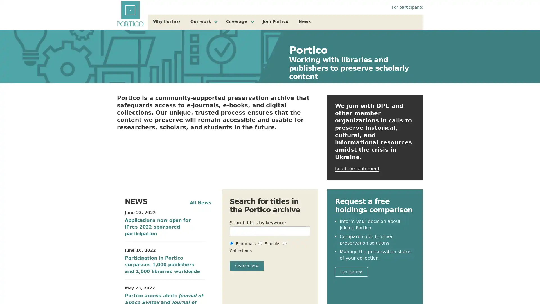 Image resolution: width=540 pixels, height=304 pixels. What do you see at coordinates (394, 286) in the screenshot?
I see `Cookie Settings` at bounding box center [394, 286].